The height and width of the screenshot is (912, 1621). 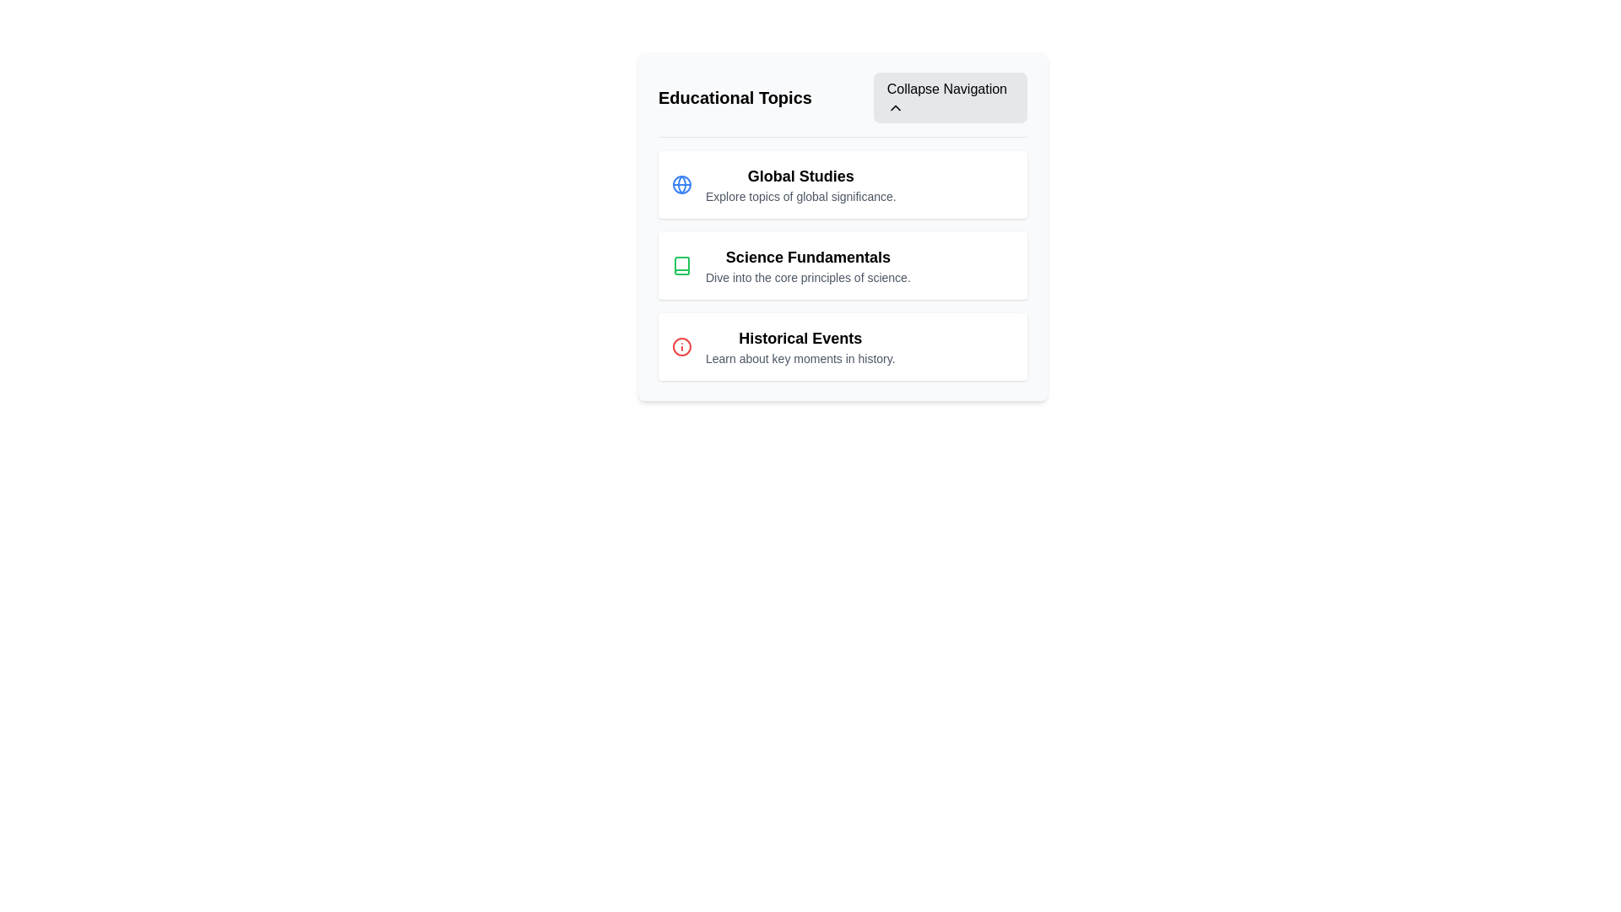 What do you see at coordinates (800, 339) in the screenshot?
I see `the text label that serves as a title or heading for the informational section about historical events, positioned at the bottom of a vertical list inside the card interface titled 'Educational Topics.'` at bounding box center [800, 339].